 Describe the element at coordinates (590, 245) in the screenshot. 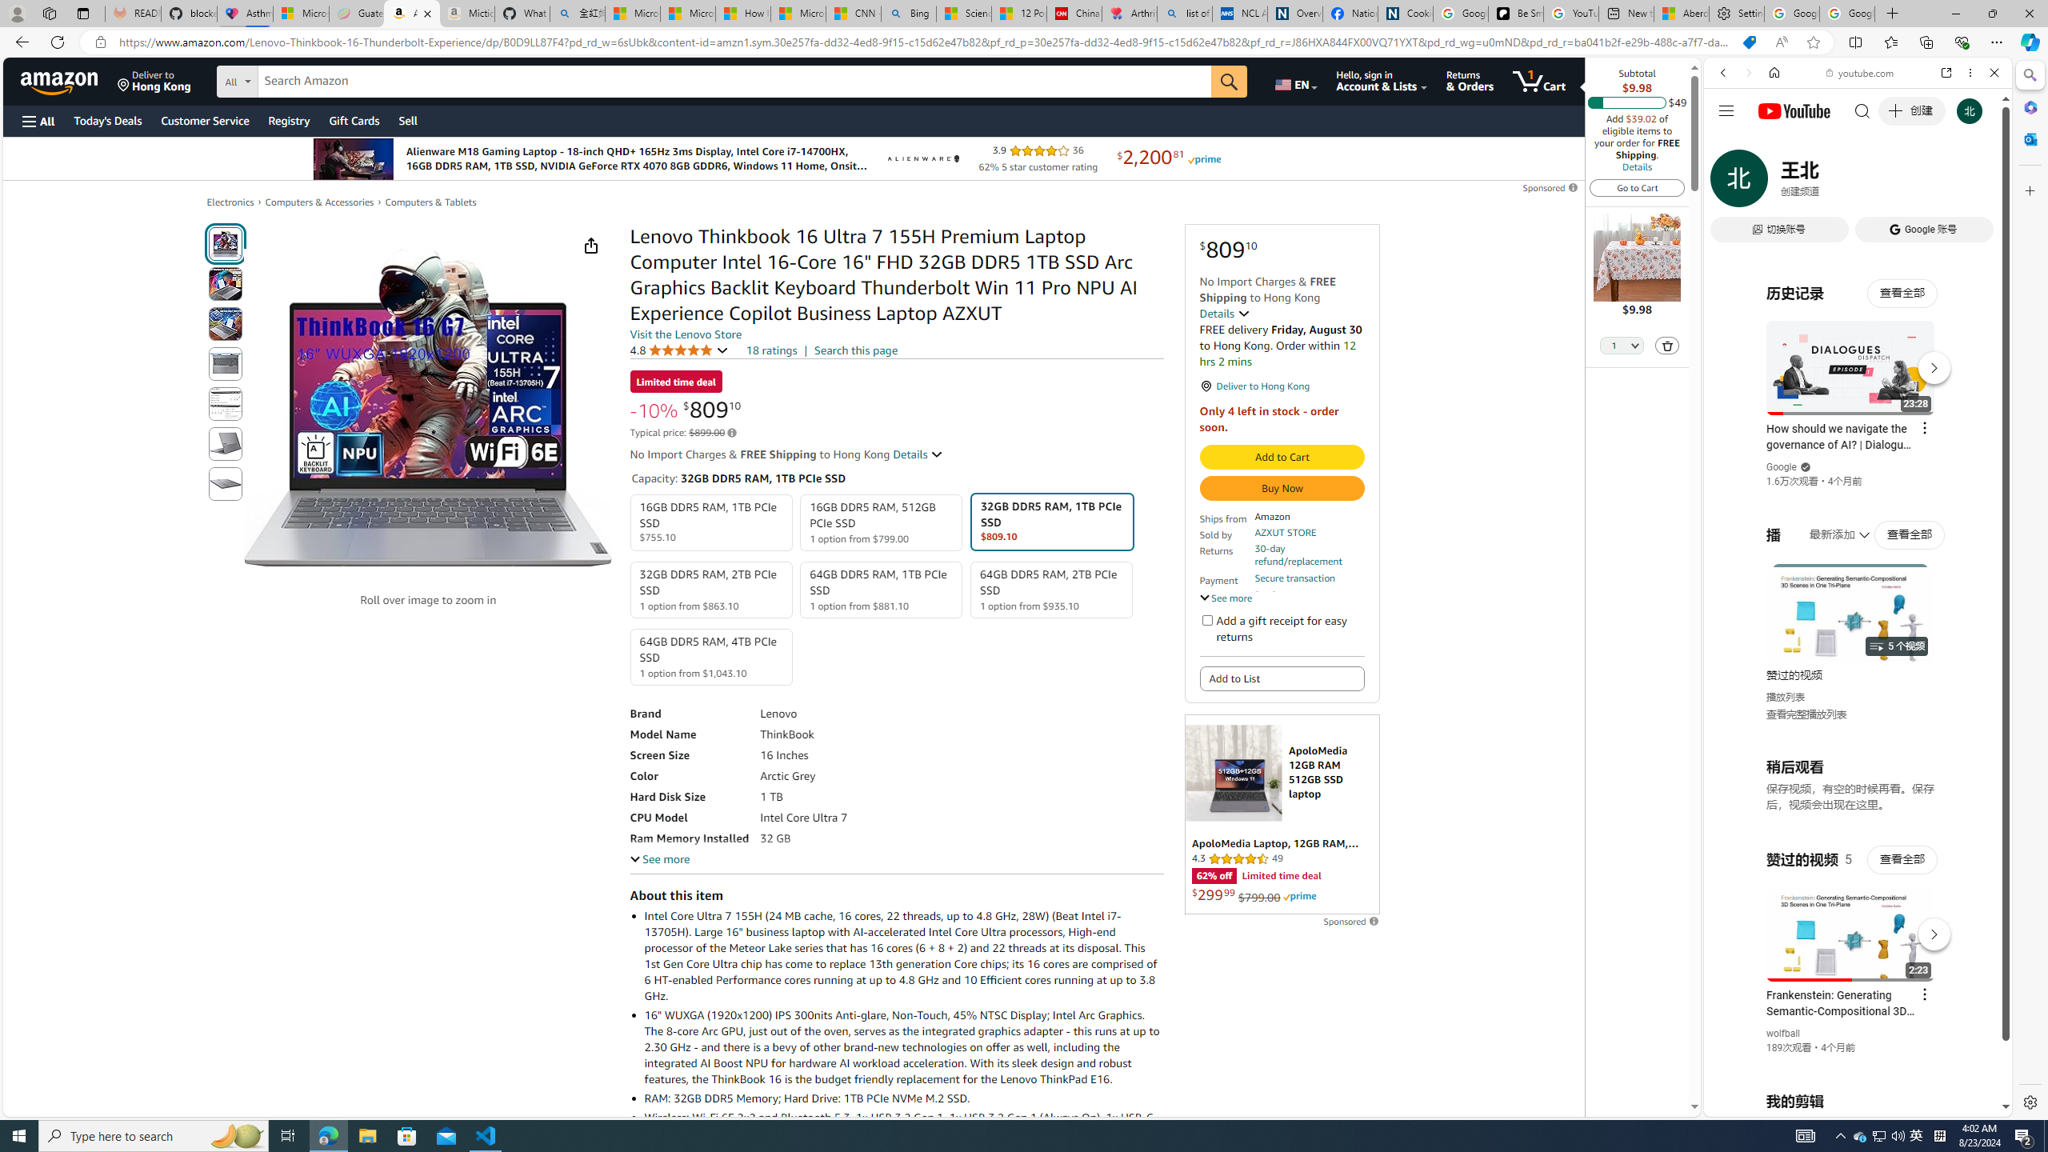

I see `'Share'` at that location.